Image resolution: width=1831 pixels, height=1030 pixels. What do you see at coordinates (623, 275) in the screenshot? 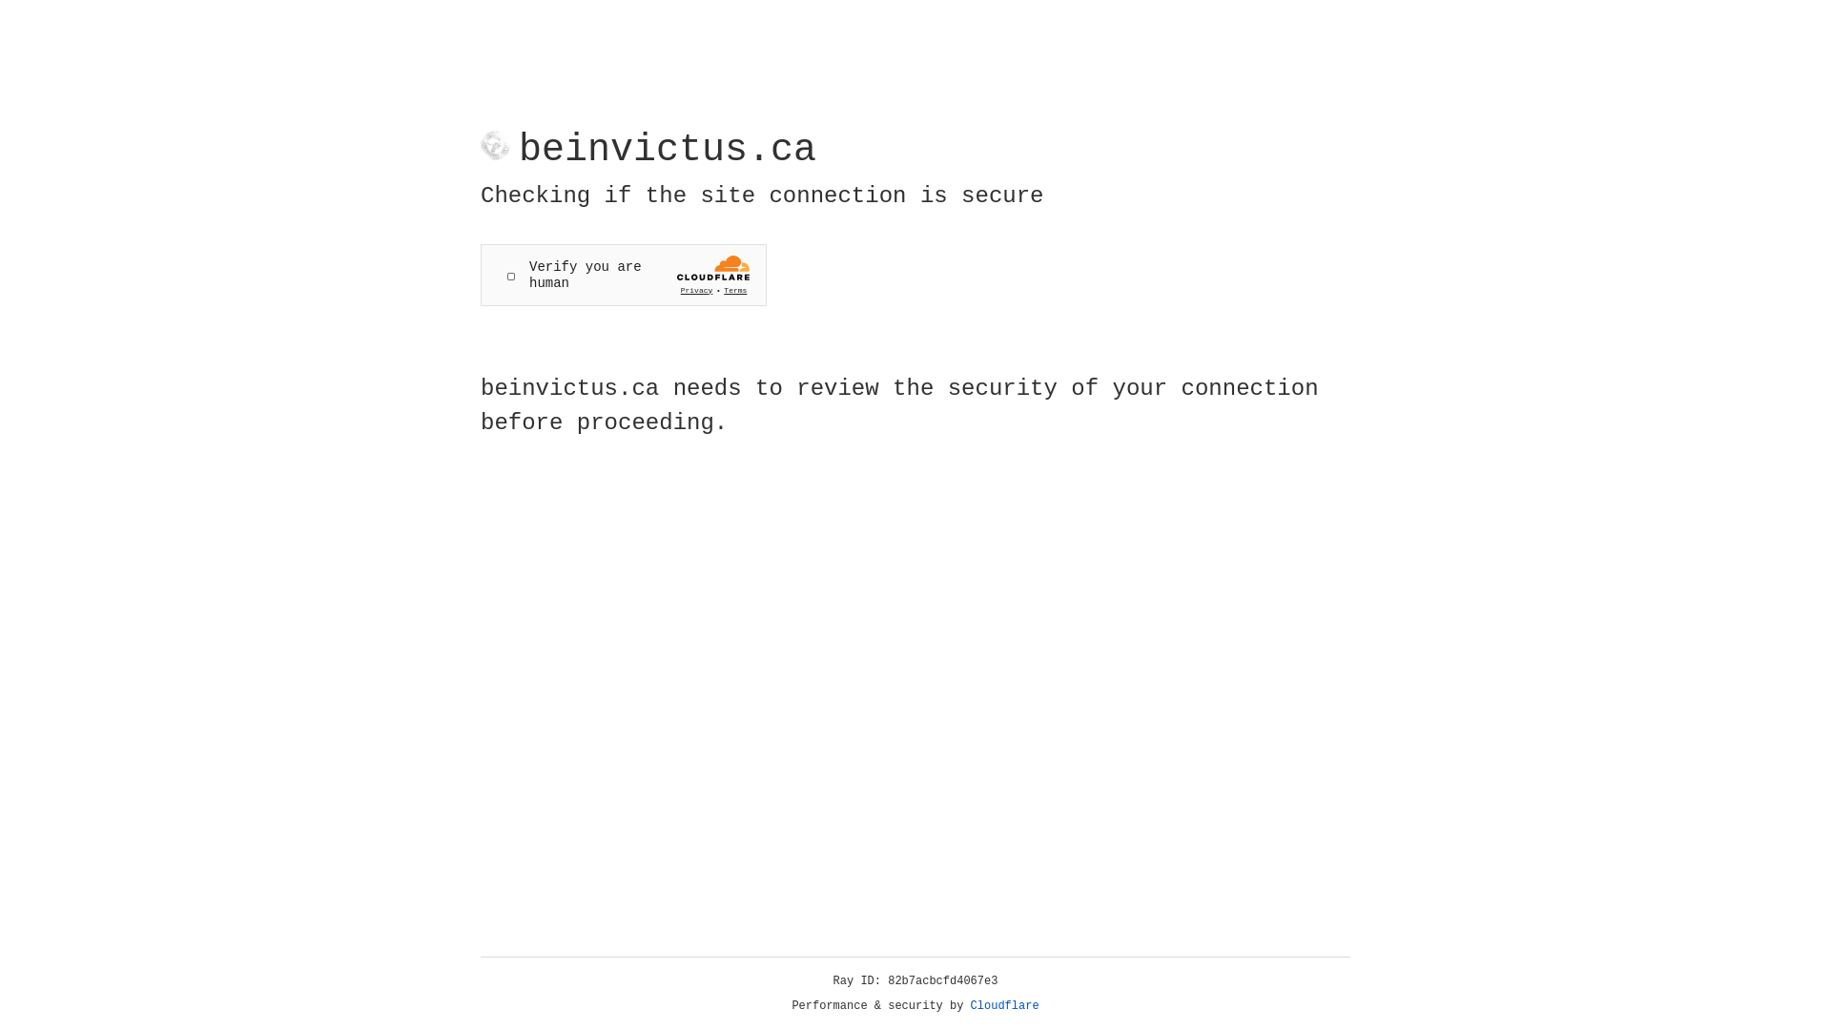
I see `'Widget containing a Cloudflare security challenge'` at bounding box center [623, 275].